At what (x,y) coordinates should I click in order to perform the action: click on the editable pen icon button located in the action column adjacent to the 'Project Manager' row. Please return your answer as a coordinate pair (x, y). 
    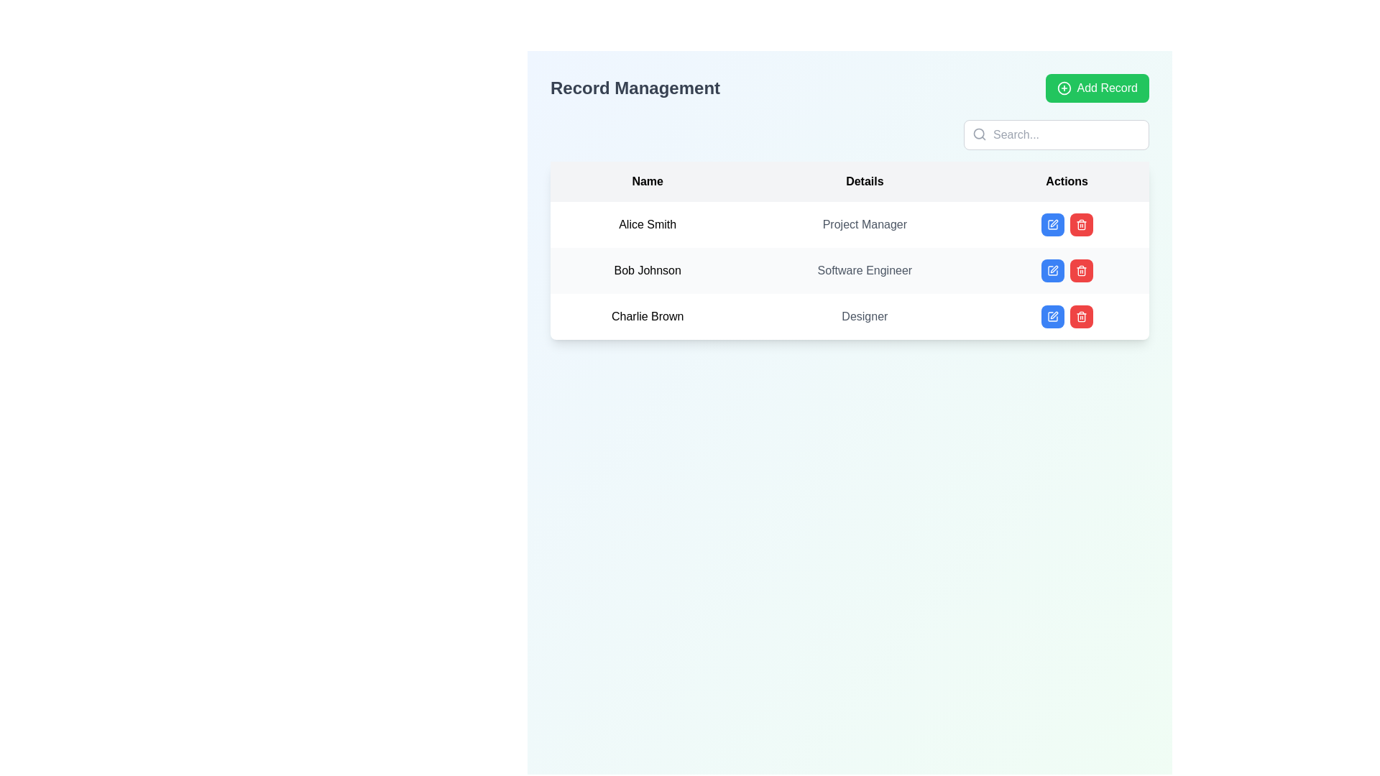
    Looking at the image, I should click on (1052, 224).